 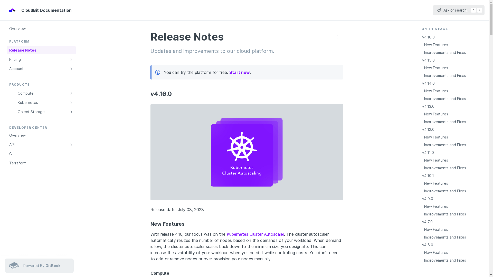 What do you see at coordinates (41, 59) in the screenshot?
I see `'Pricing'` at bounding box center [41, 59].